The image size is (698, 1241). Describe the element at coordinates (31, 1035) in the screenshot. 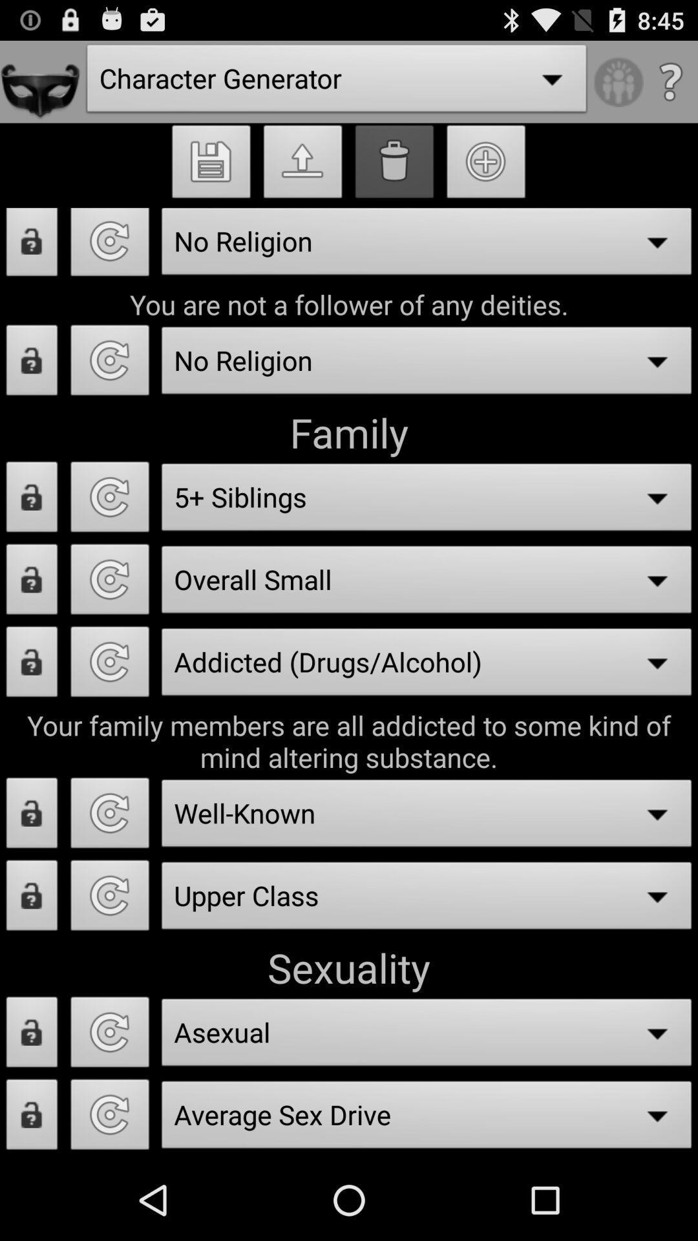

I see `unlock` at that location.